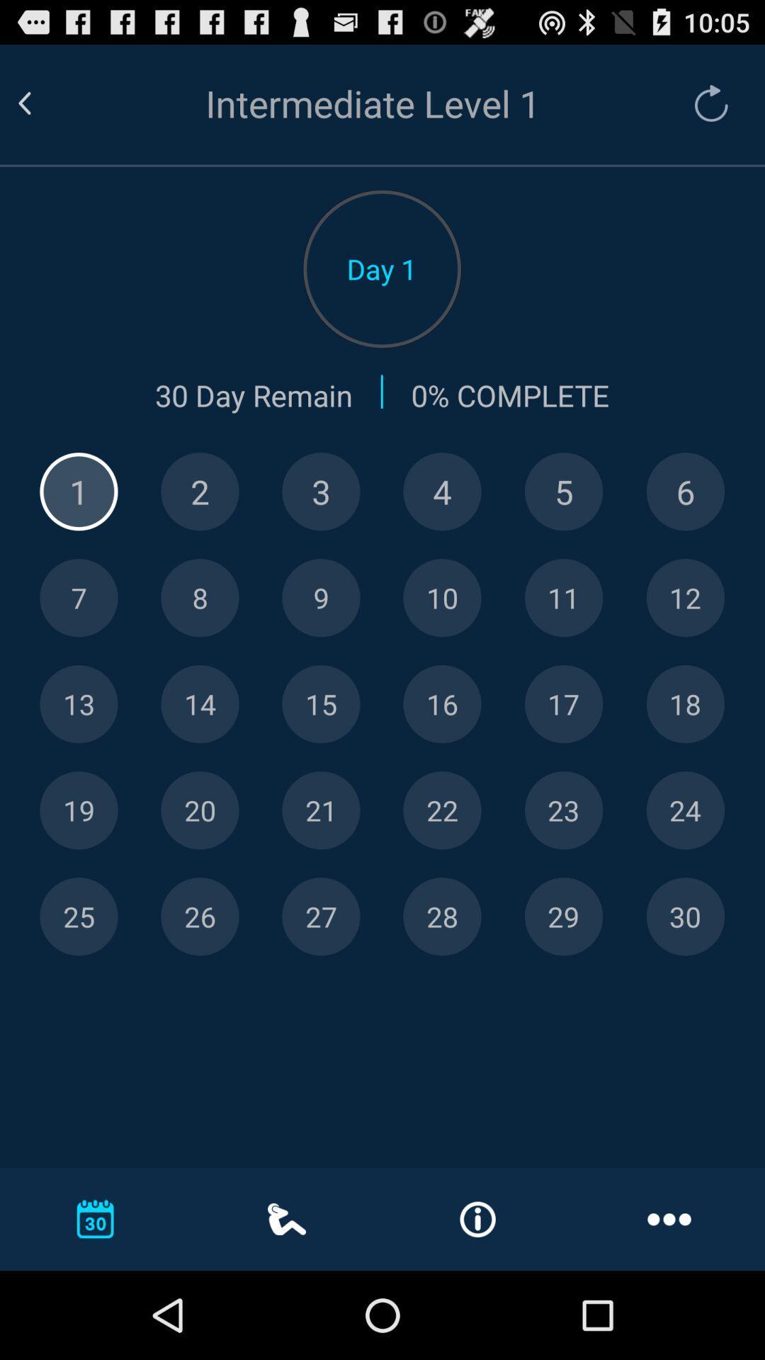 The width and height of the screenshot is (765, 1360). I want to click on day 7, so click(79, 598).